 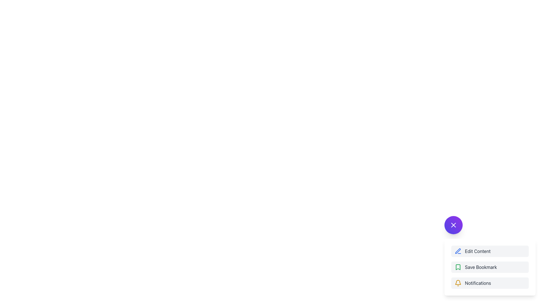 What do you see at coordinates (489, 251) in the screenshot?
I see `the 'Edit Content' button, which has a light gray background, rounded corners, and a blue pen icon` at bounding box center [489, 251].